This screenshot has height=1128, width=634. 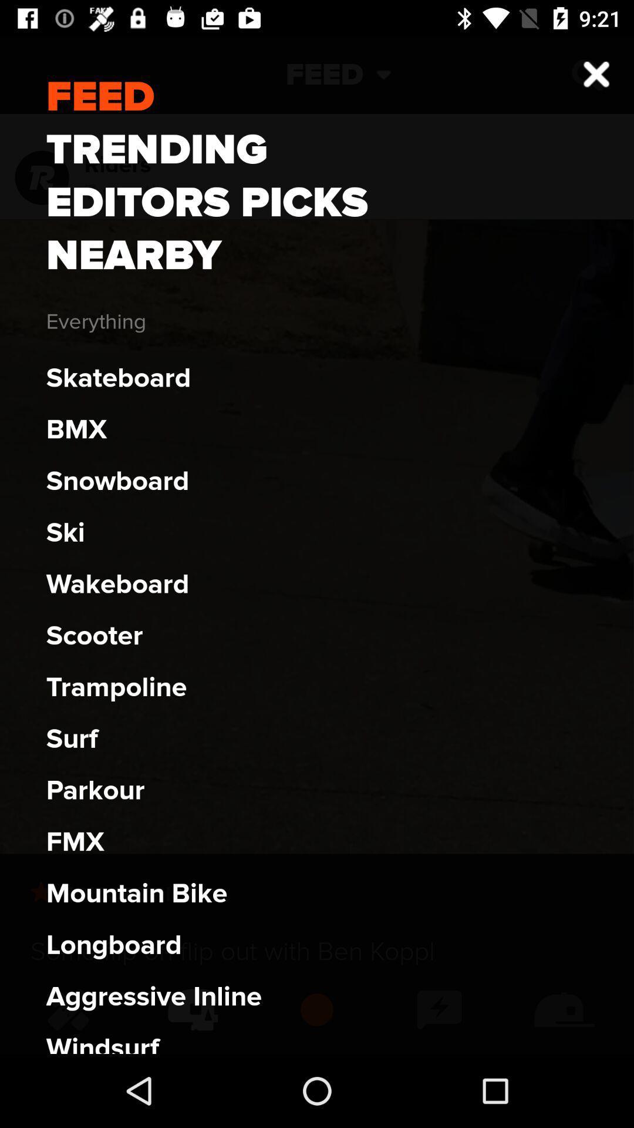 I want to click on the expand_more icon, so click(x=393, y=74).